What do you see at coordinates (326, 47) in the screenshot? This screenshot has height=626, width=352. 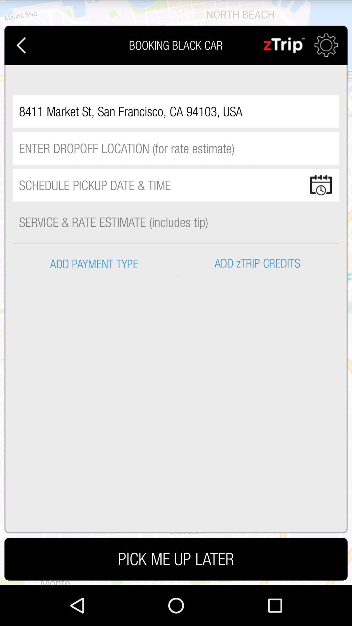 I see `the settings icon` at bounding box center [326, 47].